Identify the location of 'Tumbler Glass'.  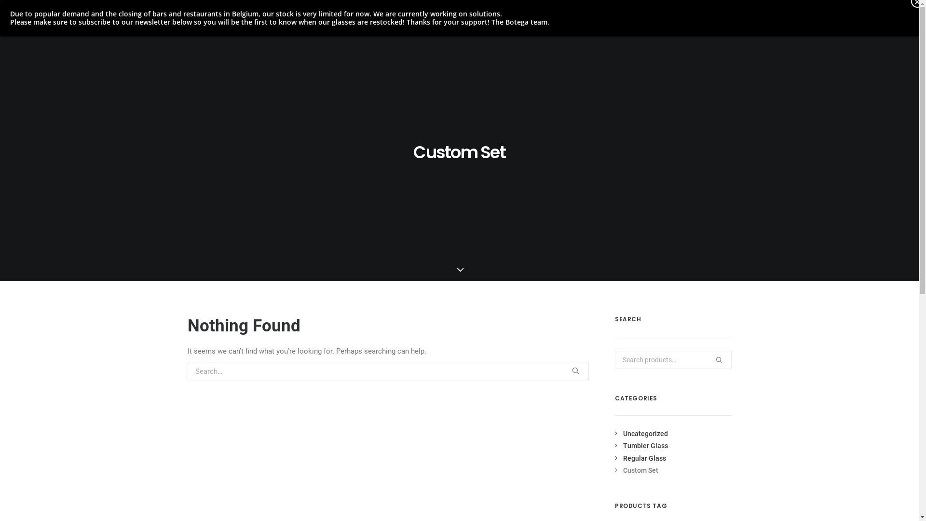
(641, 446).